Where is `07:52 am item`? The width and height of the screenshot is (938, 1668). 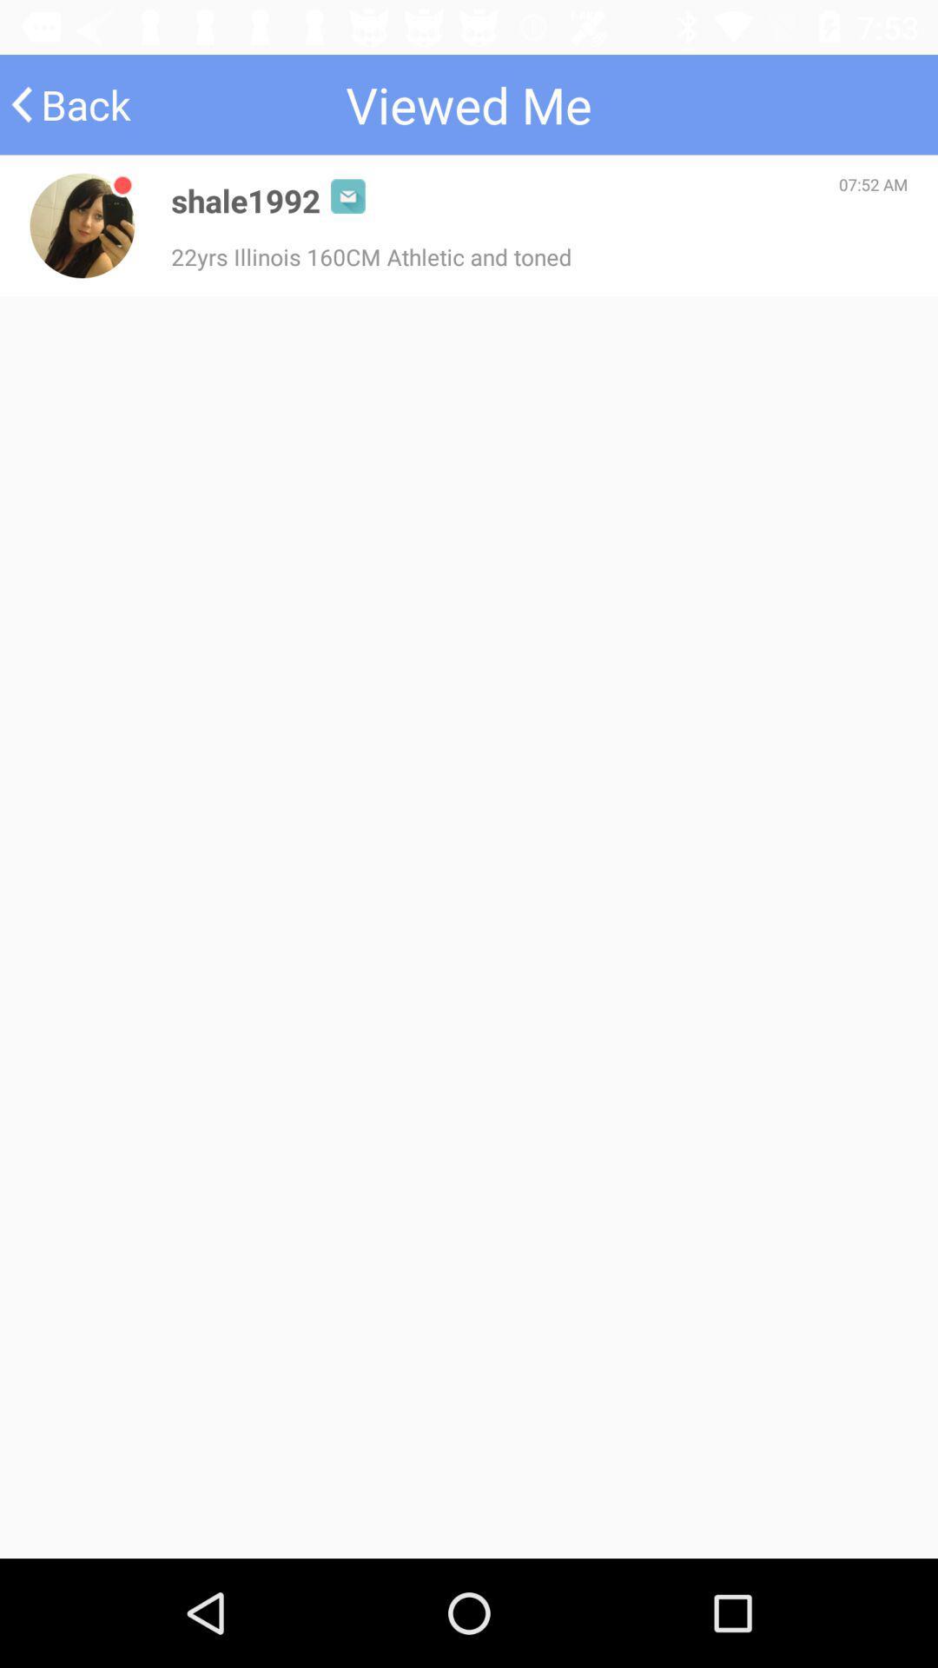
07:52 am item is located at coordinates (873, 184).